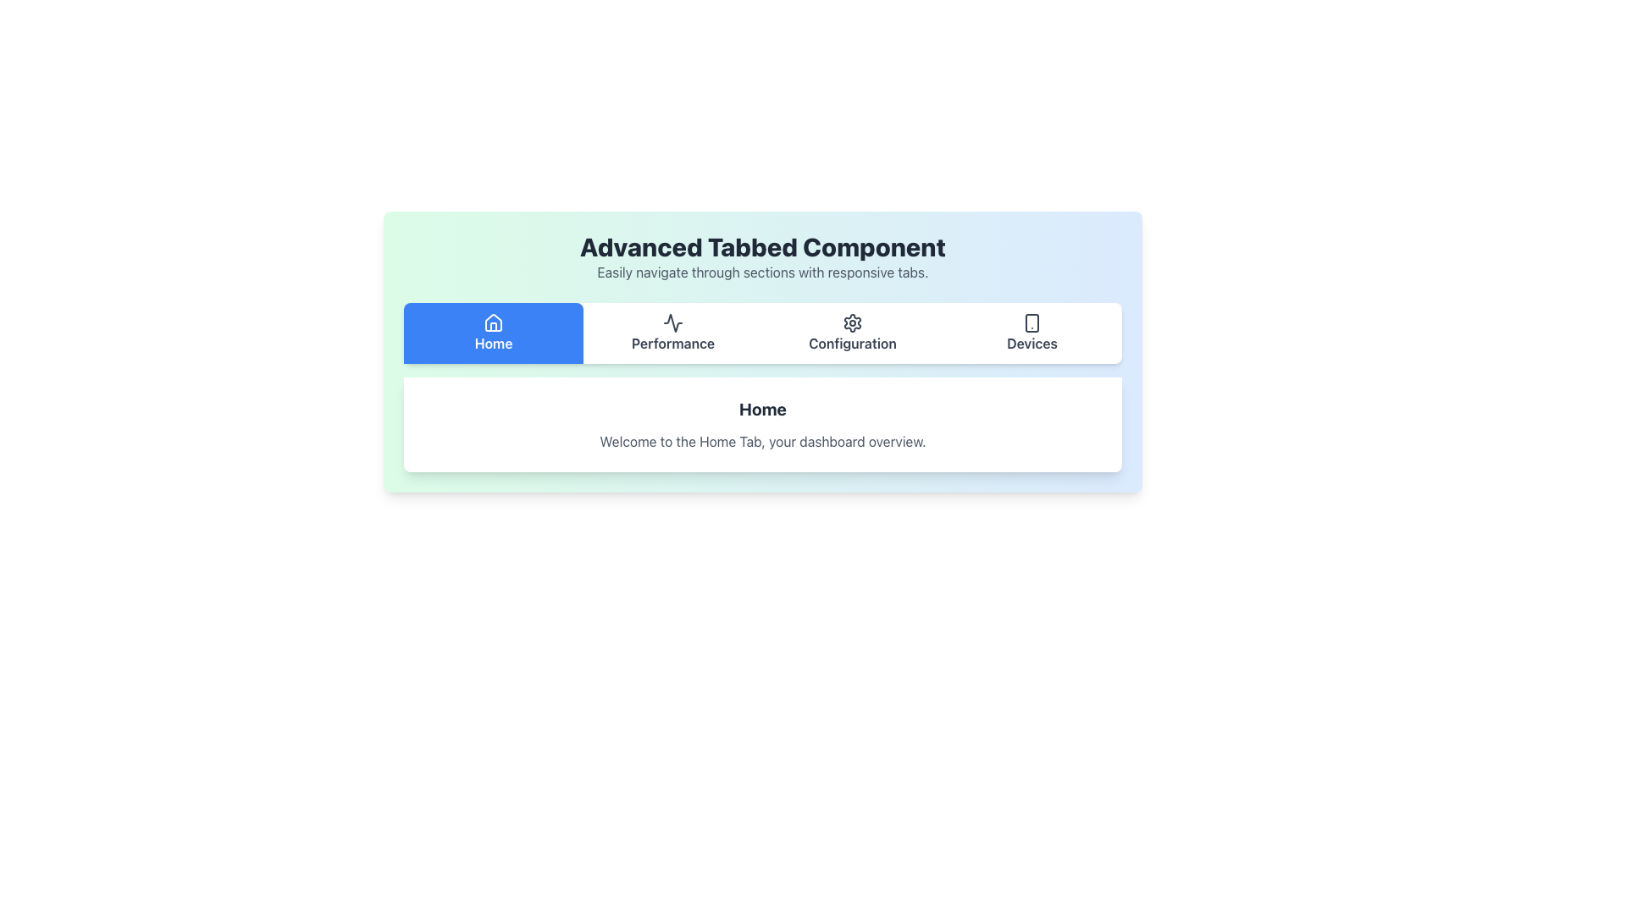 The width and height of the screenshot is (1626, 914). I want to click on the Informational Block located in the central lower portion of the panel, directly below the 'Home' tab navigation bar, so click(762, 423).